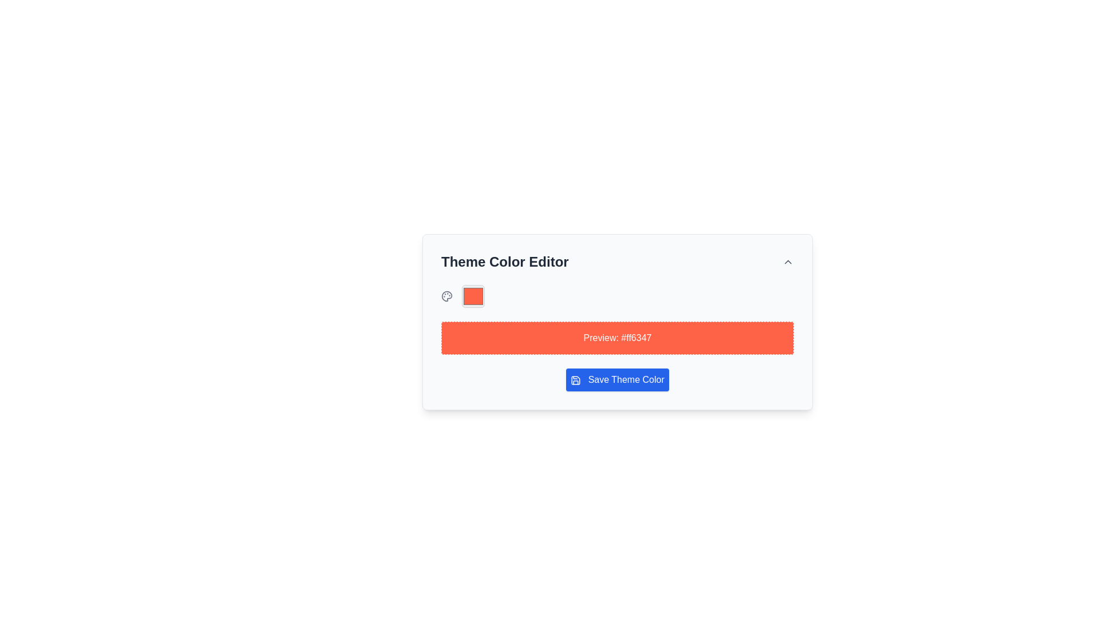 The height and width of the screenshot is (618, 1099). Describe the element at coordinates (788, 262) in the screenshot. I see `the upward-pointing chevron button located at the top right corner of the header row` at that location.